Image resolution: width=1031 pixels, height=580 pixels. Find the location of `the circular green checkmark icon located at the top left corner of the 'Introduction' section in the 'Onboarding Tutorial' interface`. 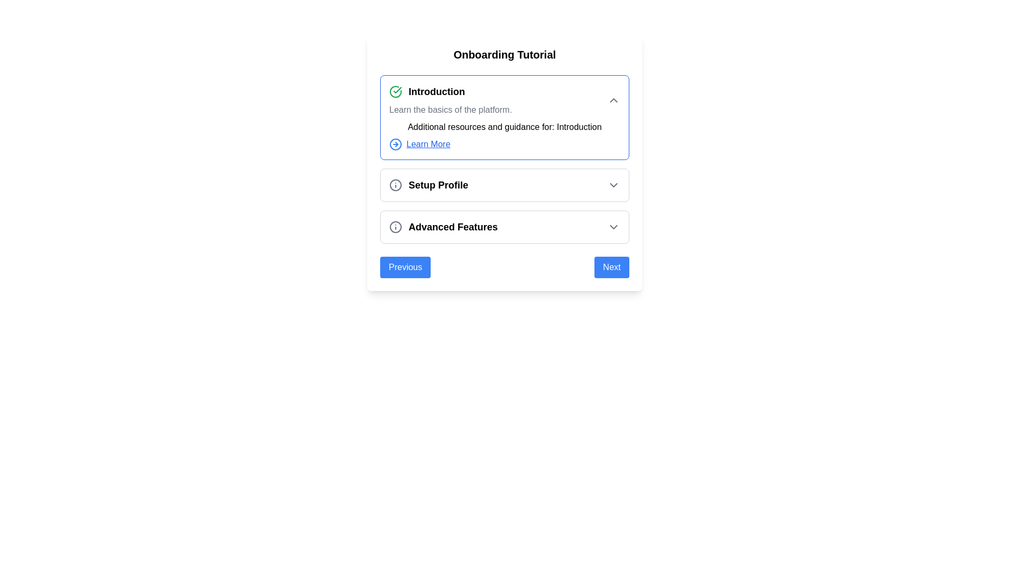

the circular green checkmark icon located at the top left corner of the 'Introduction' section in the 'Onboarding Tutorial' interface is located at coordinates (395, 91).